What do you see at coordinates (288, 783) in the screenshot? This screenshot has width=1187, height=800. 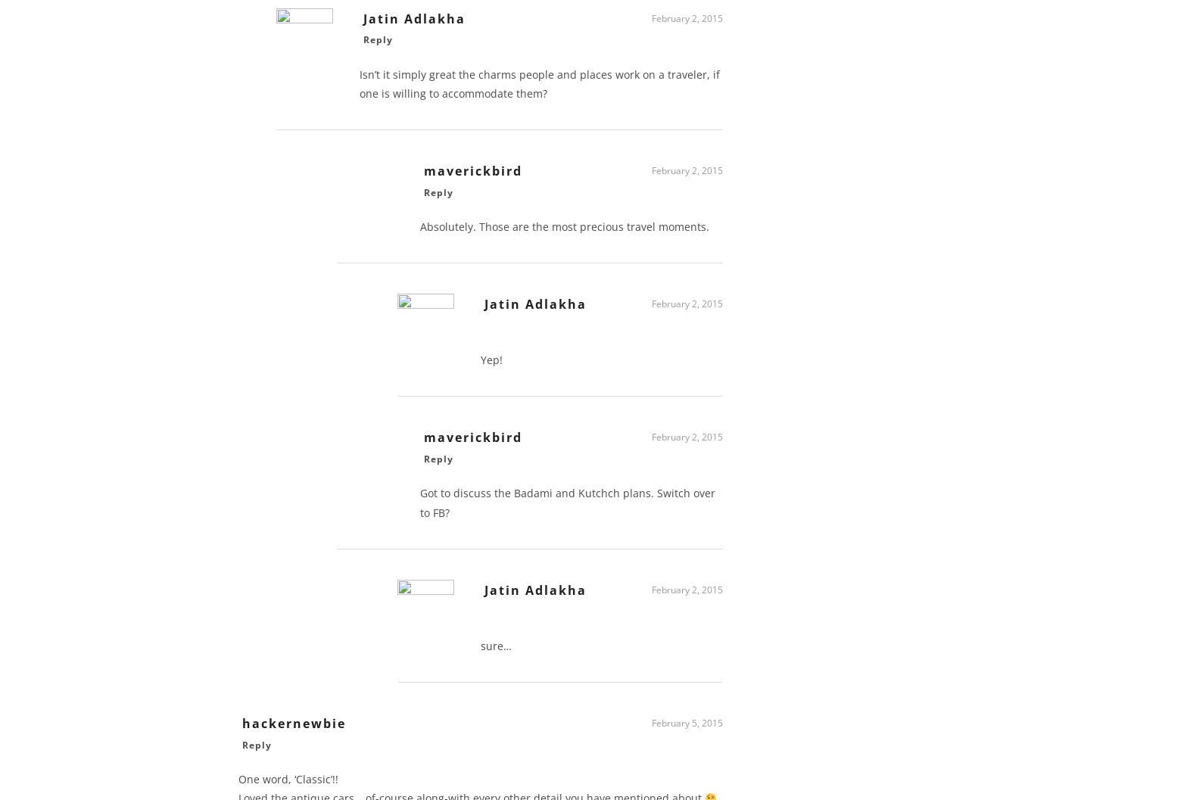 I see `'One word, ‘Classic’!!'` at bounding box center [288, 783].